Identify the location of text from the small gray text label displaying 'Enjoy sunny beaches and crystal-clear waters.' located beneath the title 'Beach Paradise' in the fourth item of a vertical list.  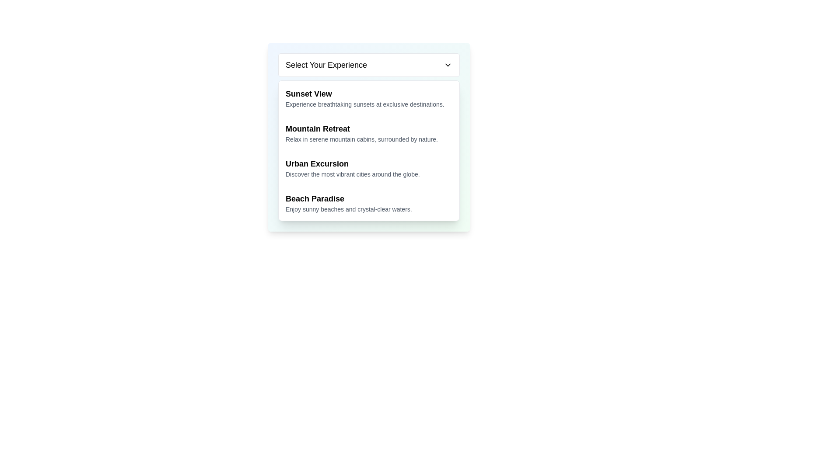
(369, 209).